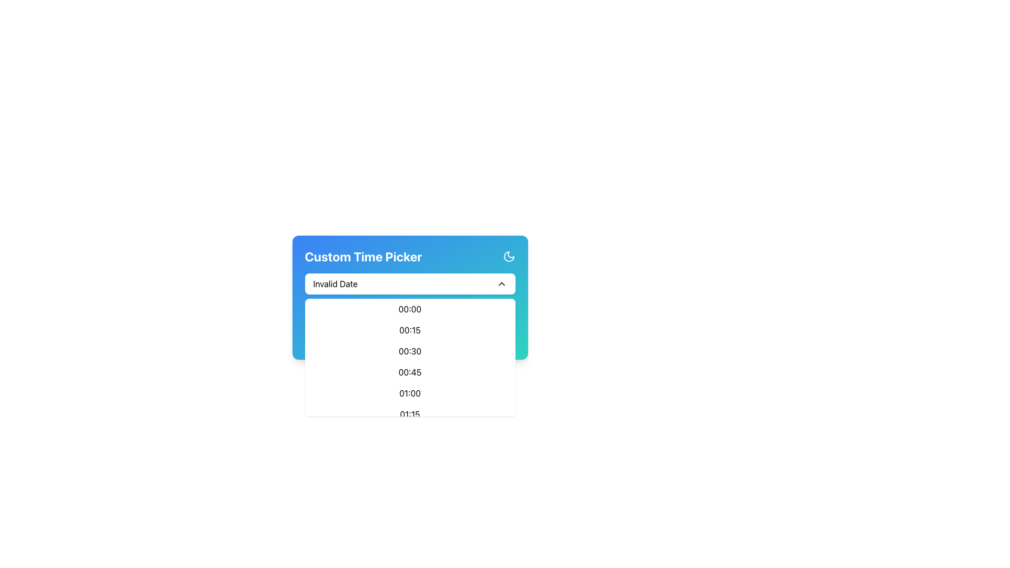 The image size is (1010, 568). Describe the element at coordinates (409, 413) in the screenshot. I see `to select the time '01:15' from the dropdown list, which is the sixth option following '01:00' and preceding '01:30'` at that location.